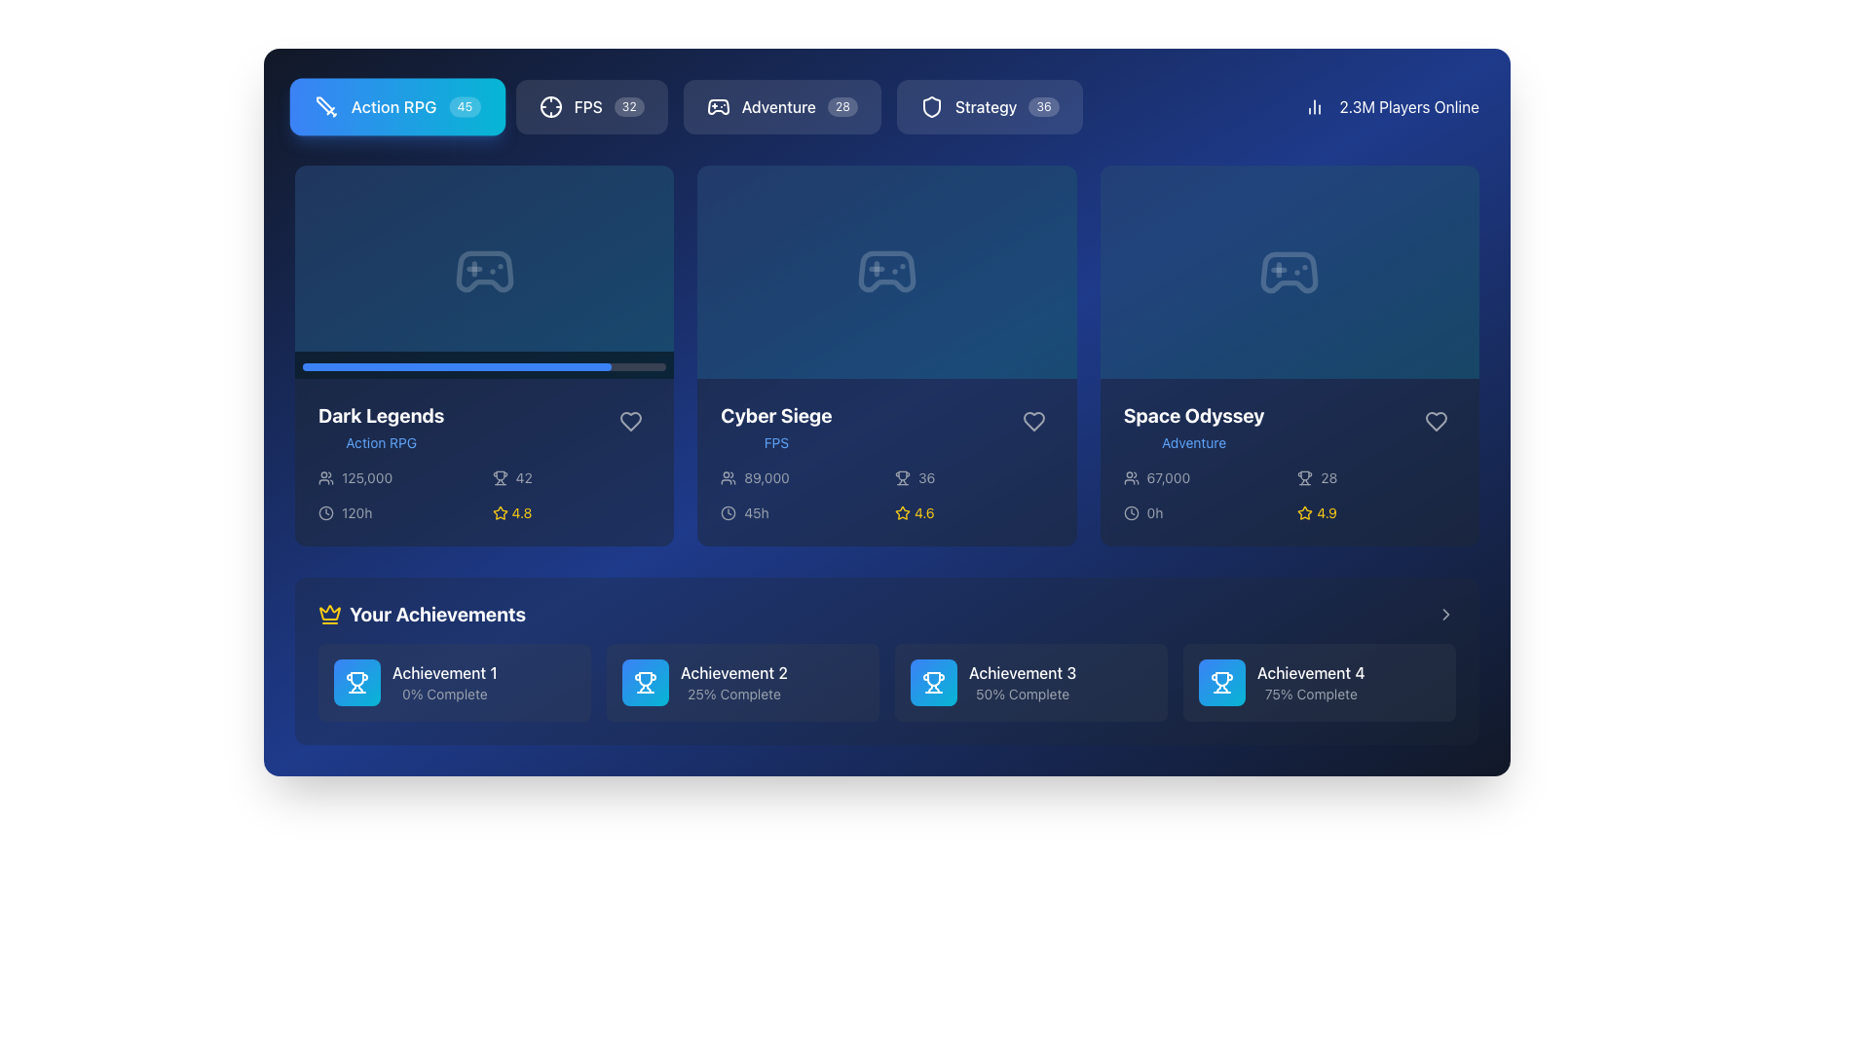 This screenshot has width=1870, height=1052. Describe the element at coordinates (631, 420) in the screenshot. I see `the heart icon button located in the upper right corner of the 'Dark Legends' card` at that location.